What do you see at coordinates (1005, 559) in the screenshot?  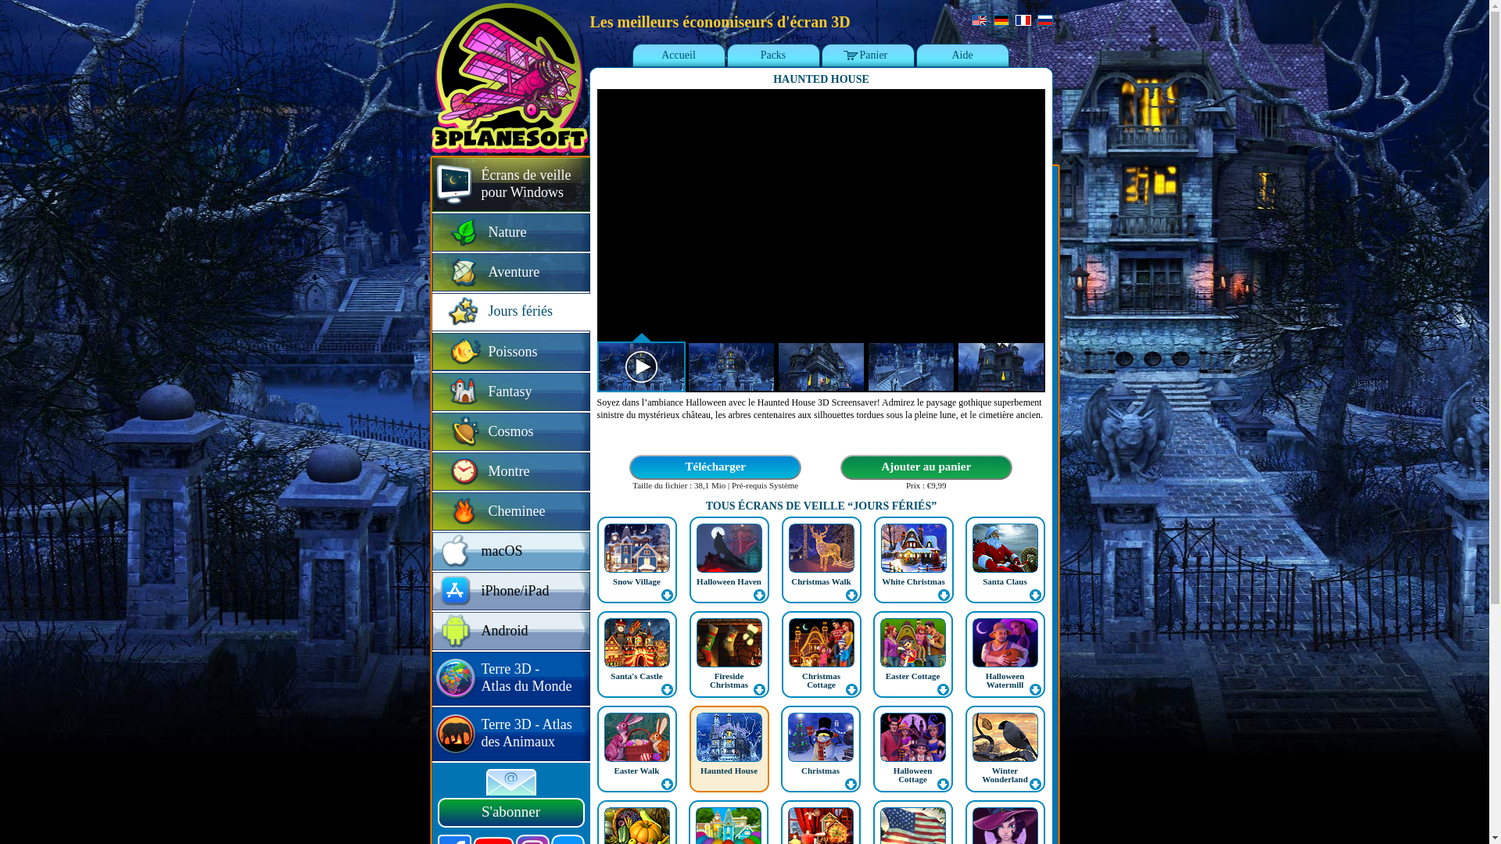 I see `'Santa Claus'` at bounding box center [1005, 559].